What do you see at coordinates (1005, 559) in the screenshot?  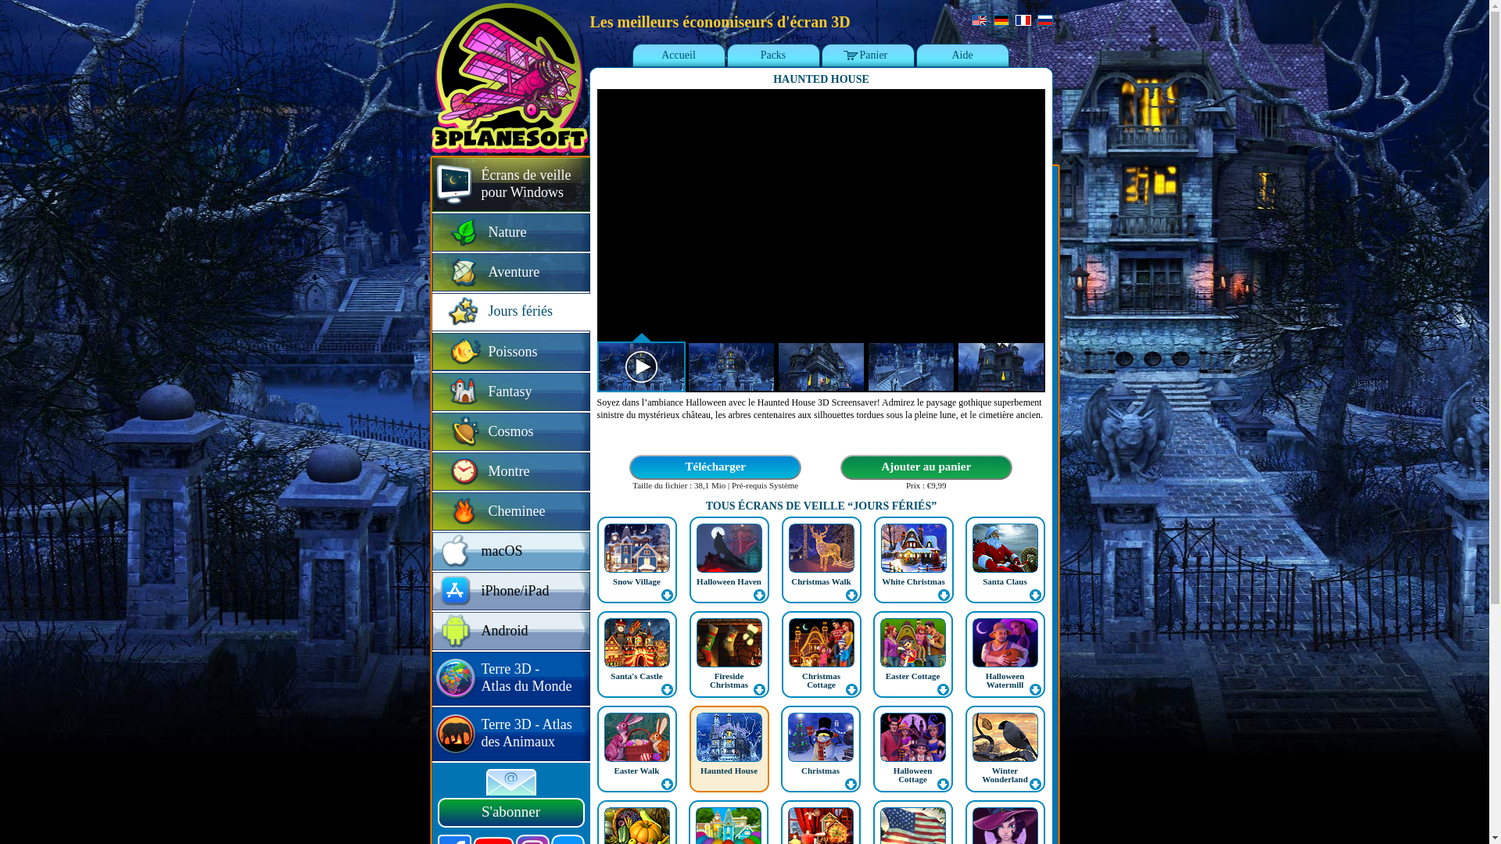 I see `'Santa Claus'` at bounding box center [1005, 559].